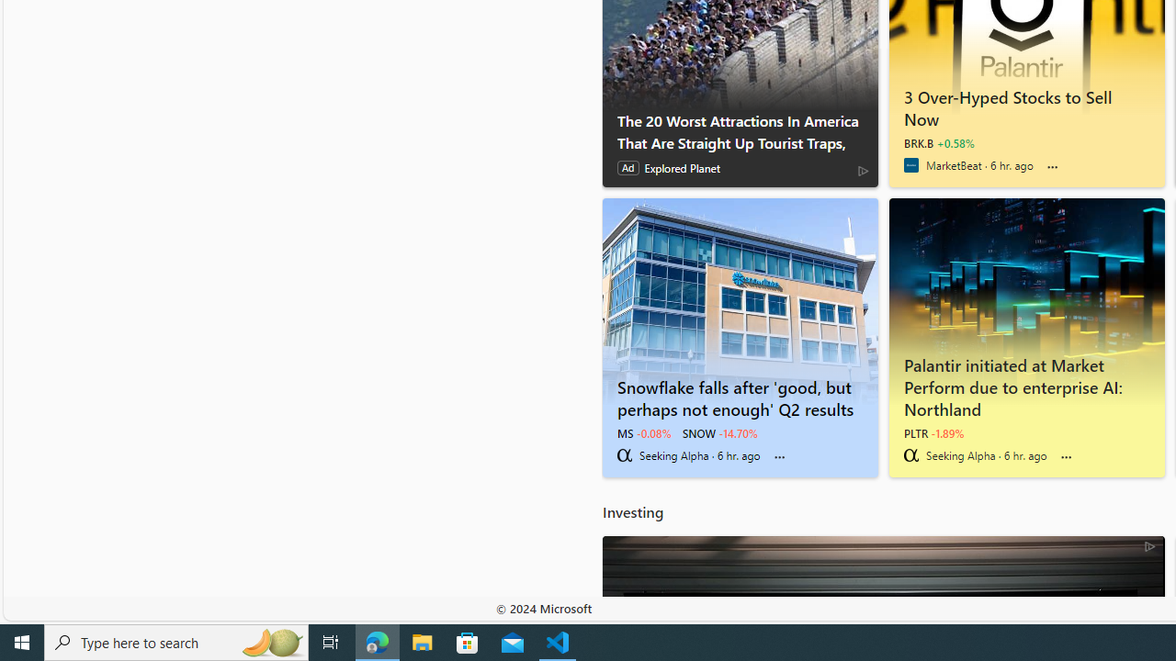 The width and height of the screenshot is (1176, 661). What do you see at coordinates (910, 454) in the screenshot?
I see `'Seeking Alpha'` at bounding box center [910, 454].